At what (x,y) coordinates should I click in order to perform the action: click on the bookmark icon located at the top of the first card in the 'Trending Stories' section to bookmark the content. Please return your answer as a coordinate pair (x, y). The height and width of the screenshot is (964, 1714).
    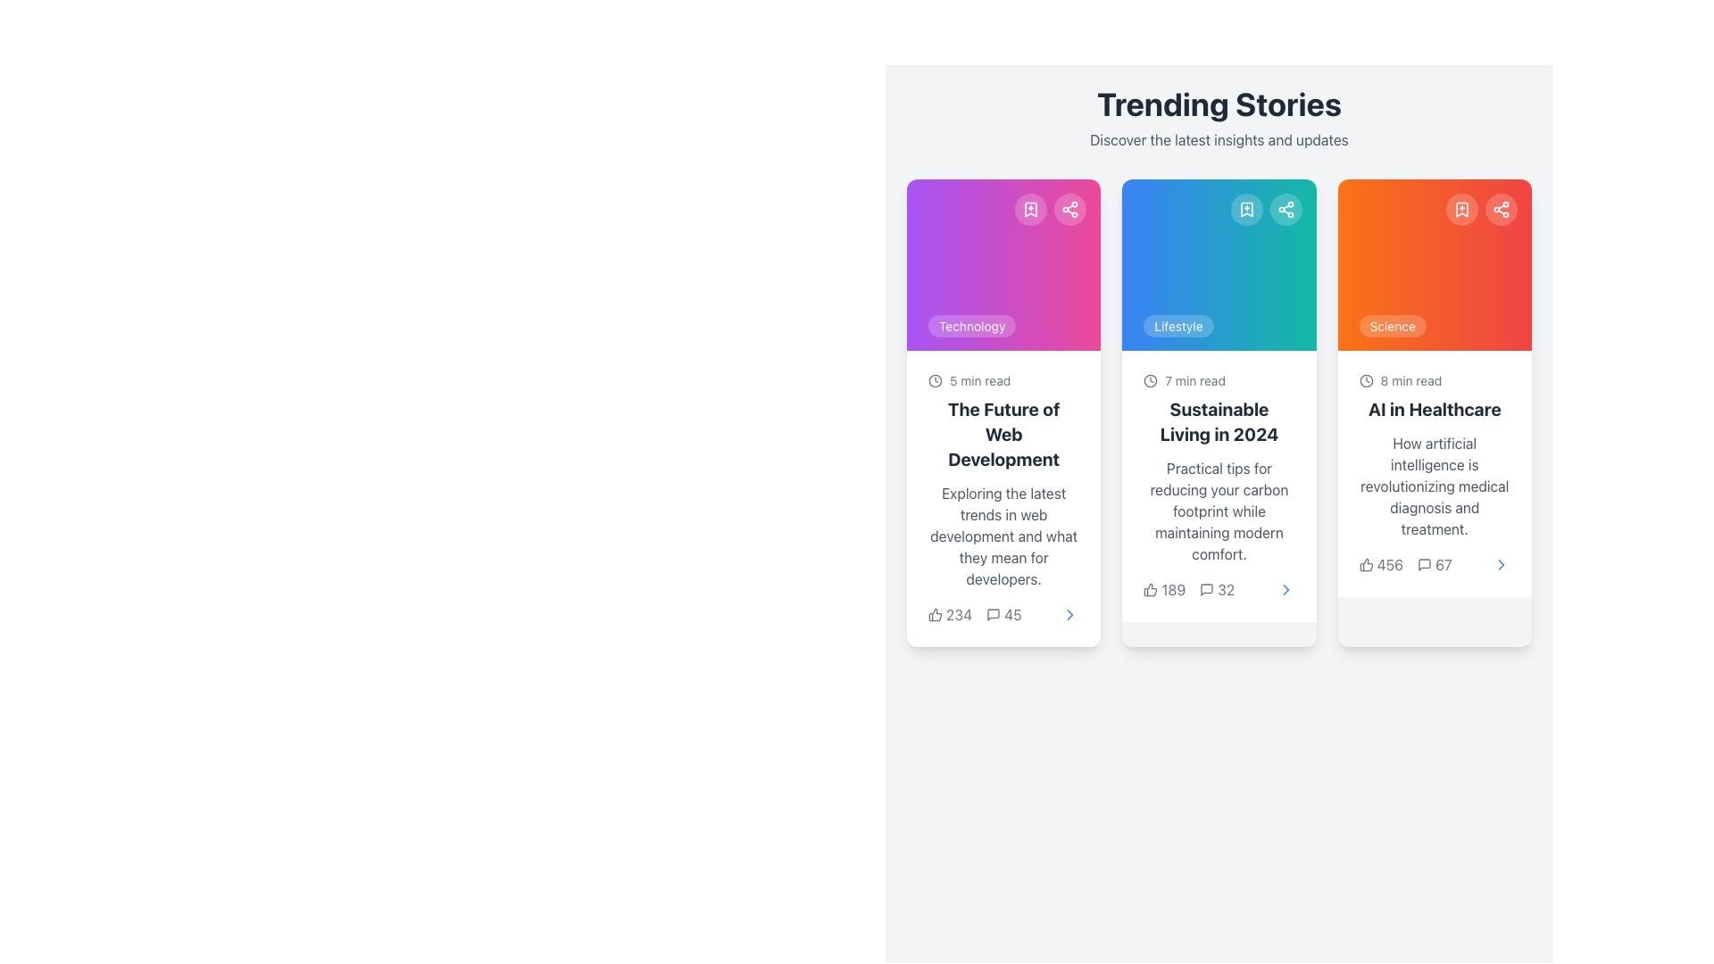
    Looking at the image, I should click on (1031, 209).